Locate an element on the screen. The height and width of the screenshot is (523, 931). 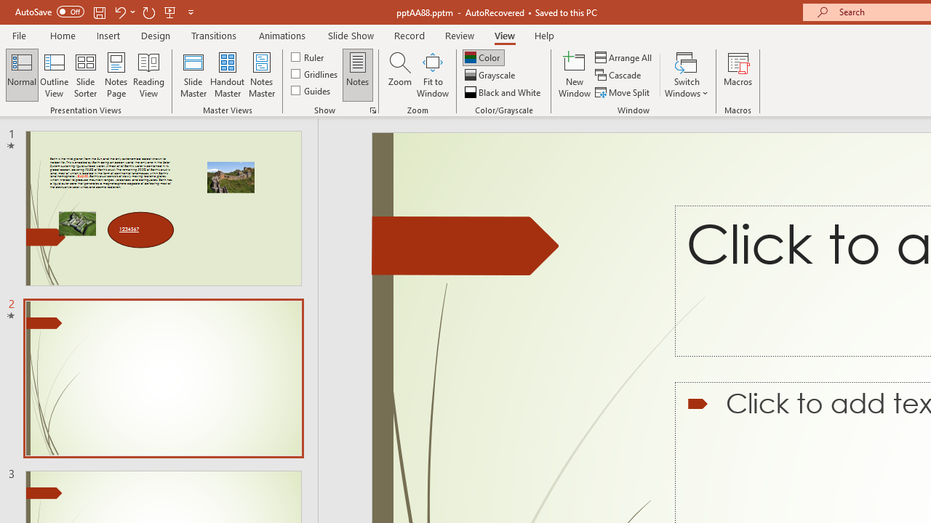
'Notes' is located at coordinates (358, 75).